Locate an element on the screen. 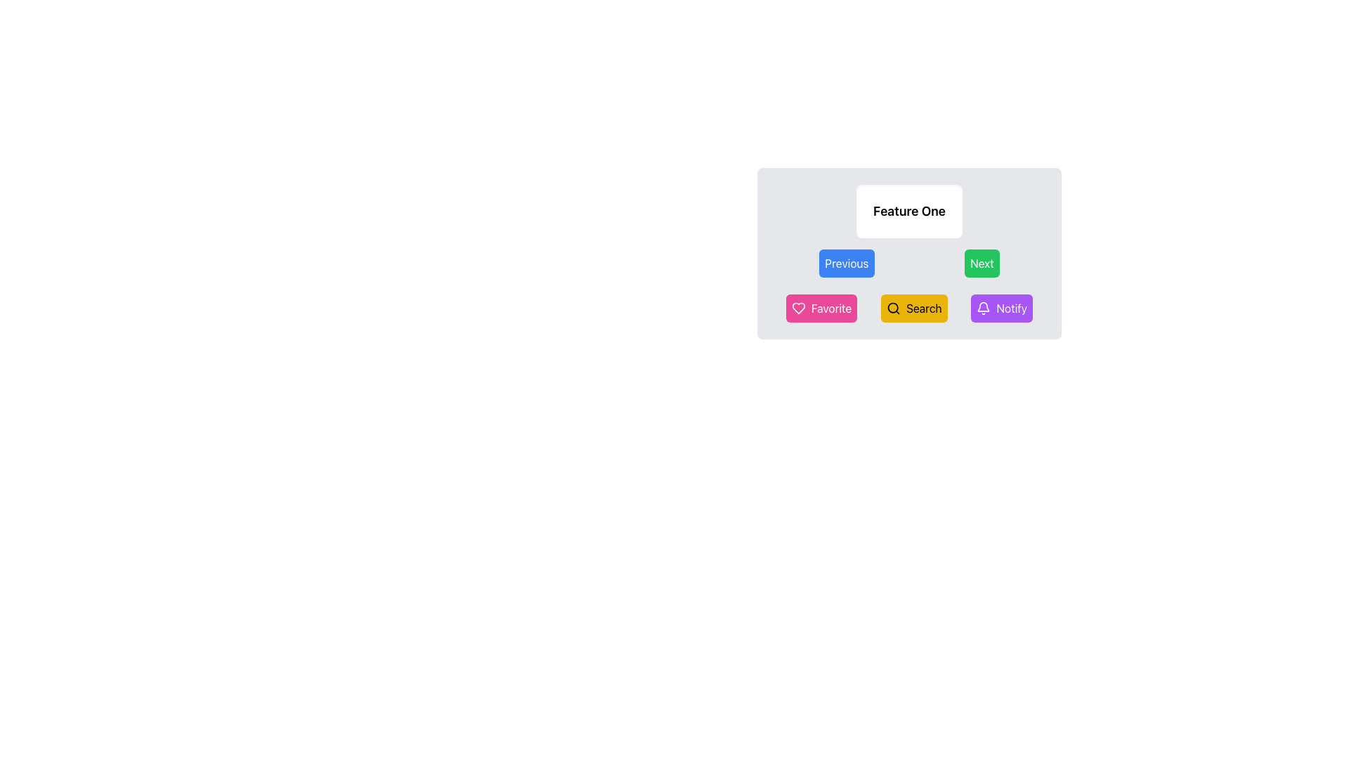 The height and width of the screenshot is (759, 1349). the yellow rectangular button labeled 'Search' with a magnifying glass icon, located in the middle of a row of buttons is located at coordinates (914, 308).